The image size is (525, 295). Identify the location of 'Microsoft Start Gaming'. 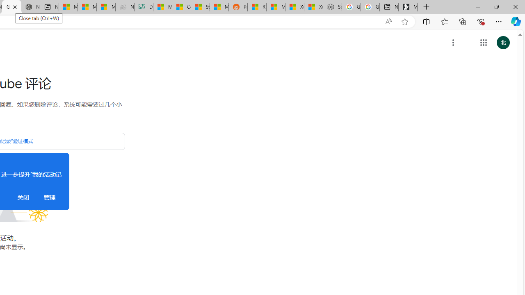
(408, 7).